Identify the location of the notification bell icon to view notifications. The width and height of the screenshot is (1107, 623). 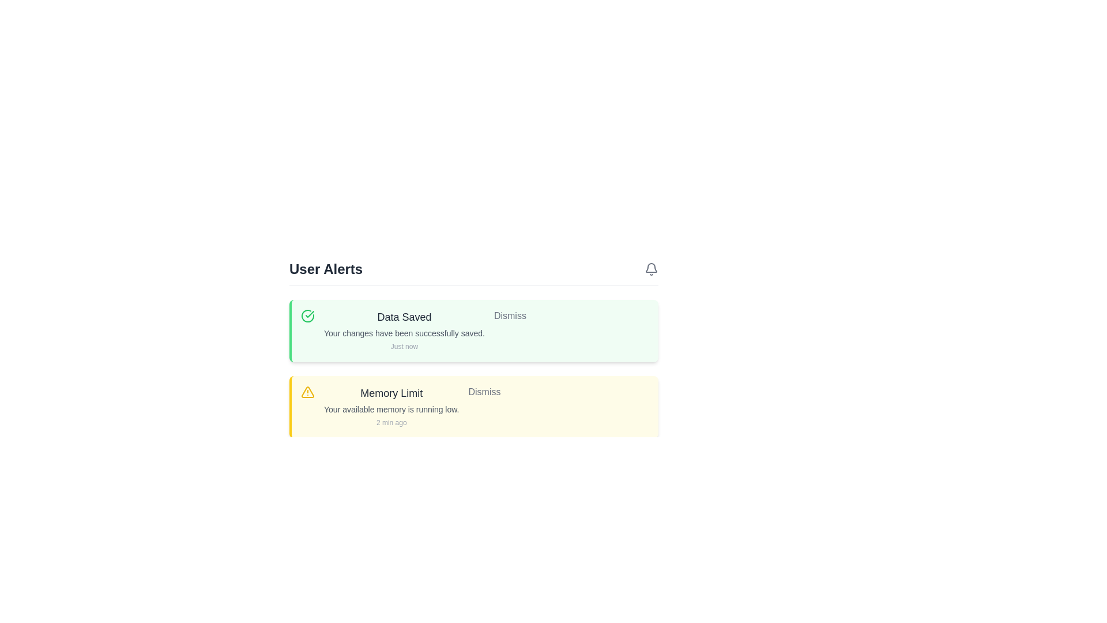
(651, 269).